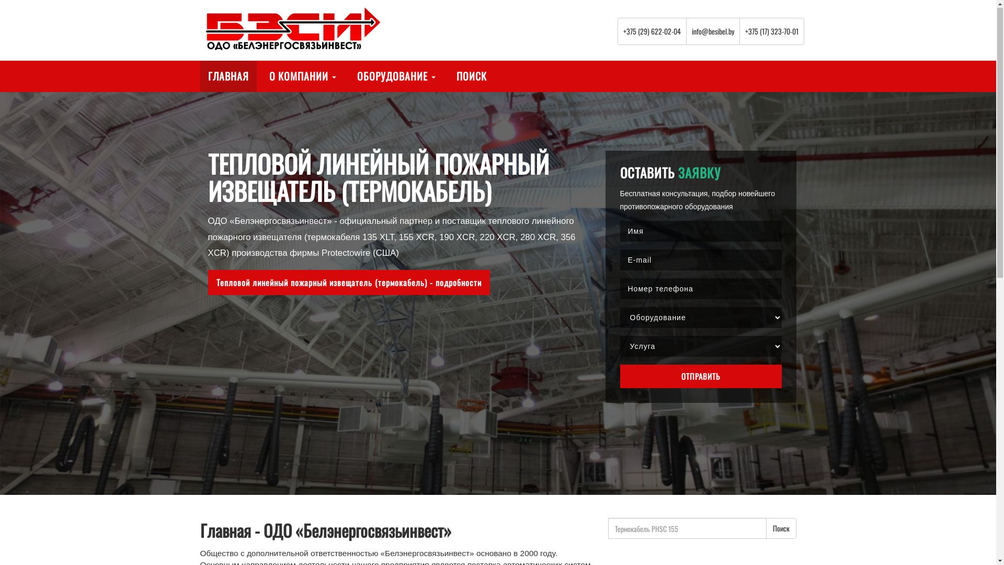 Image resolution: width=1004 pixels, height=565 pixels. I want to click on '+375 (29) 622-02-04', so click(651, 31).